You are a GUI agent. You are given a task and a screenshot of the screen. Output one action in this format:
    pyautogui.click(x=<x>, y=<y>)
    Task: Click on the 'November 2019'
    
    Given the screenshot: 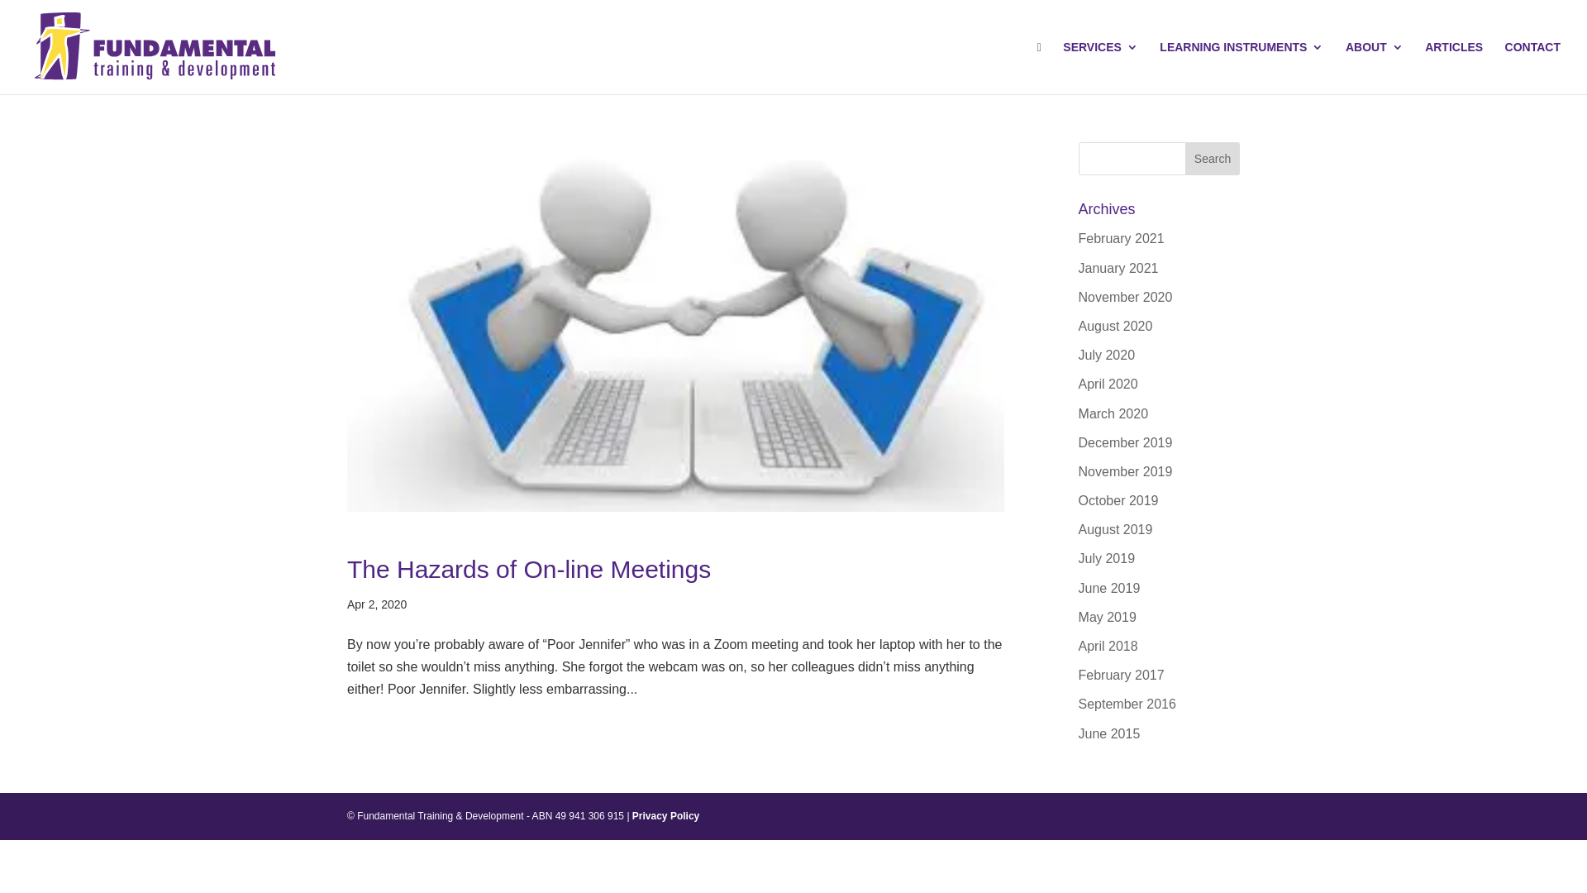 What is the action you would take?
    pyautogui.click(x=1125, y=471)
    